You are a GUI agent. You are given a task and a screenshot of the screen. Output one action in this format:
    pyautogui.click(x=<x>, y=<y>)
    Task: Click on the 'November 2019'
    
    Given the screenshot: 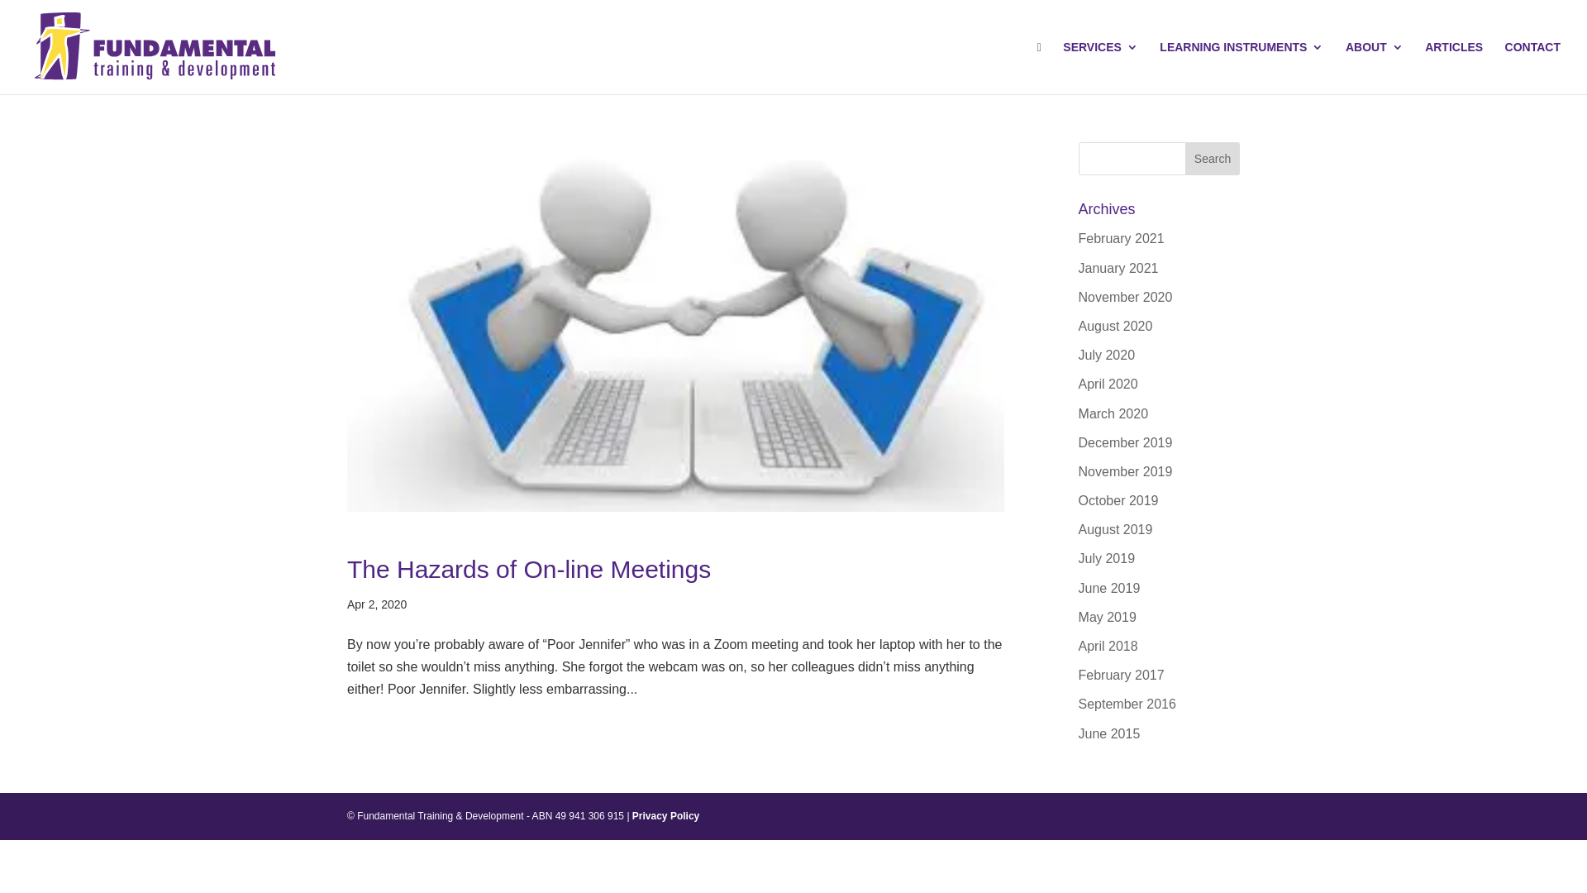 What is the action you would take?
    pyautogui.click(x=1125, y=471)
    